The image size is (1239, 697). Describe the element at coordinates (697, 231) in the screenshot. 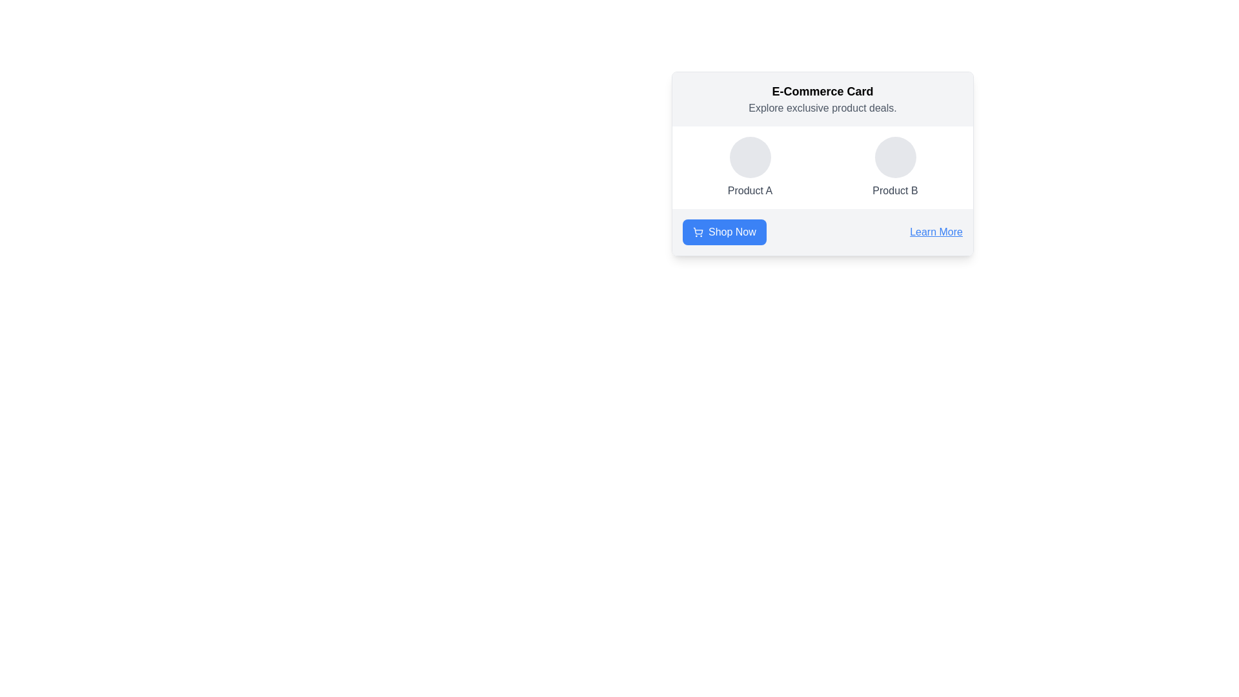

I see `the small shopping cart icon located within the blue 'Shop Now' button to interact with it` at that location.